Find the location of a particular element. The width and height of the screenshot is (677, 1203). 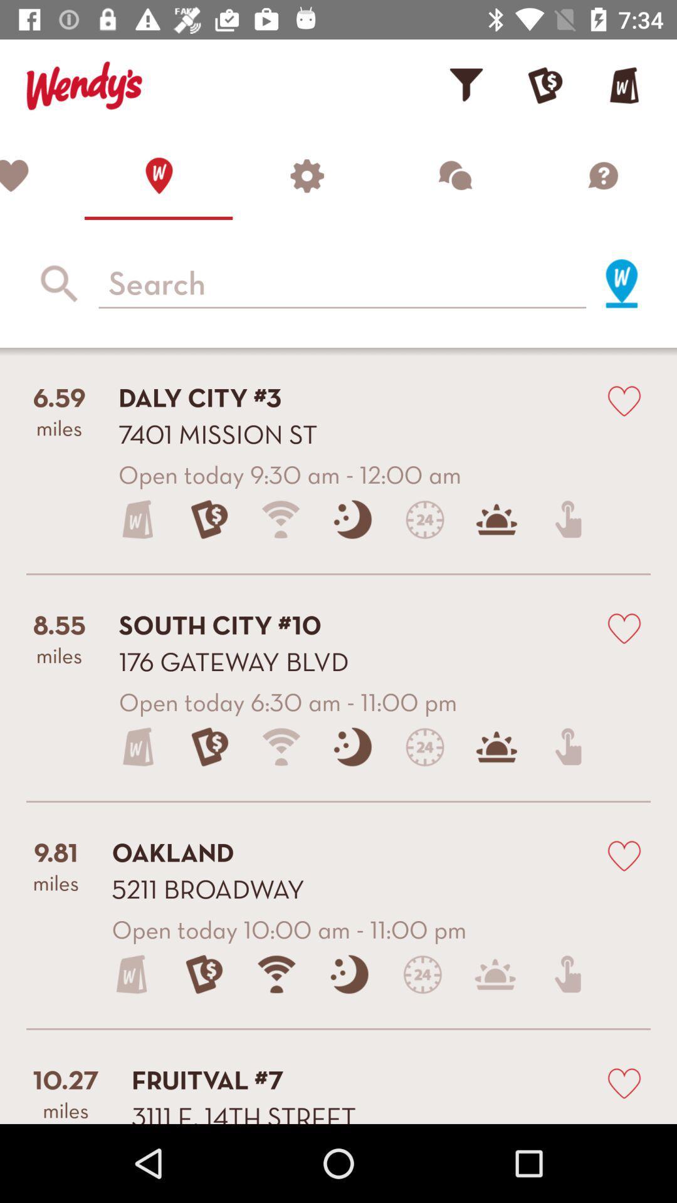

show favourites is located at coordinates (41, 175).